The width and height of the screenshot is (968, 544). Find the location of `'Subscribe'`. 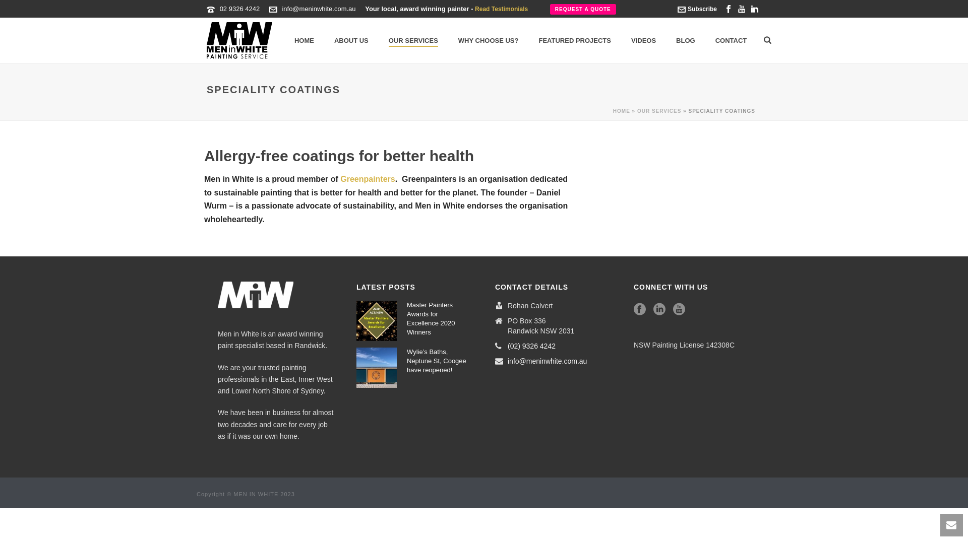

'Subscribe' is located at coordinates (696, 9).